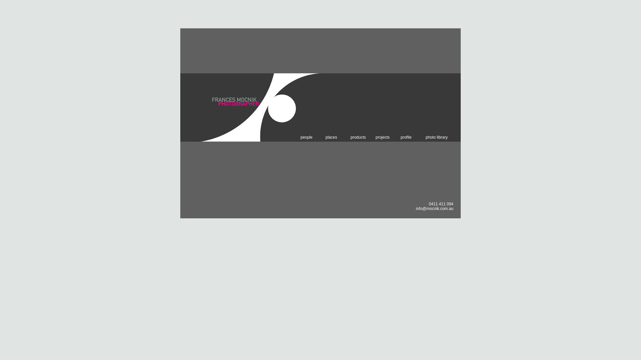  What do you see at coordinates (434, 208) in the screenshot?
I see `'info@mocnik.com.au'` at bounding box center [434, 208].